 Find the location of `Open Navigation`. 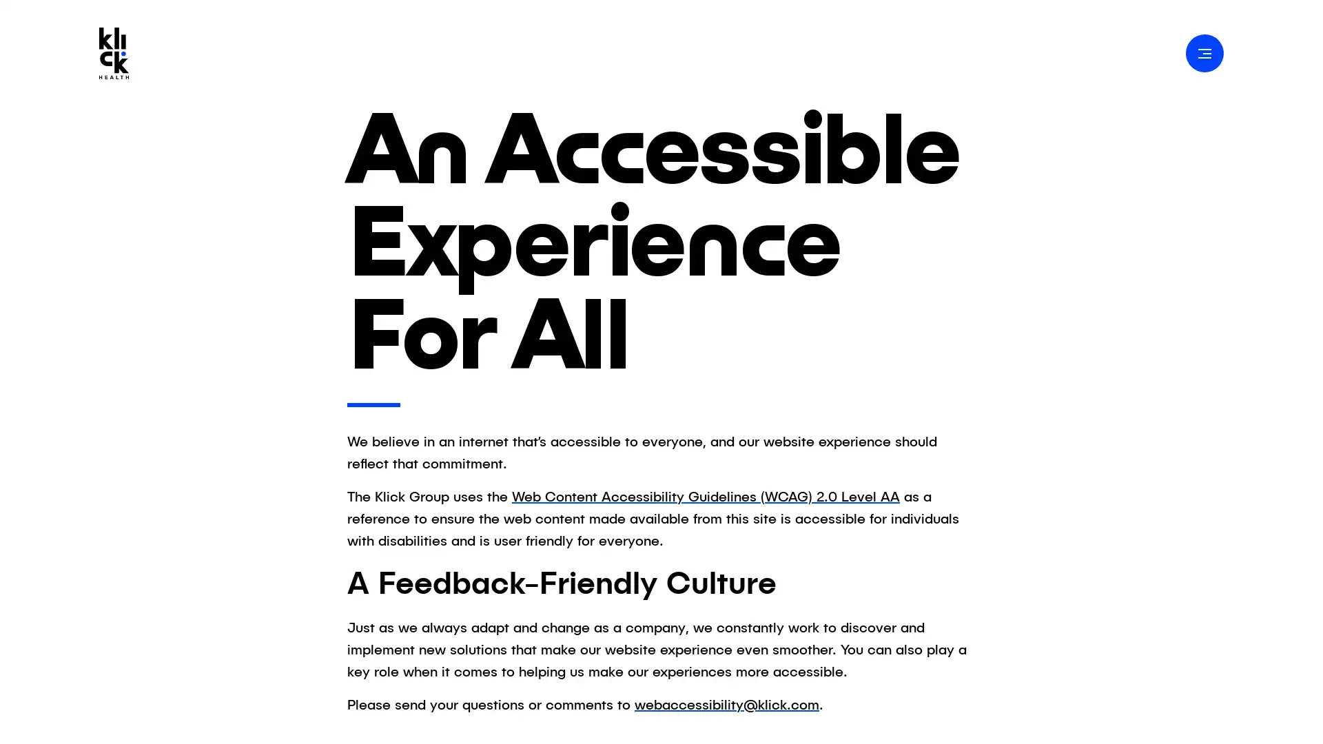

Open Navigation is located at coordinates (1204, 52).